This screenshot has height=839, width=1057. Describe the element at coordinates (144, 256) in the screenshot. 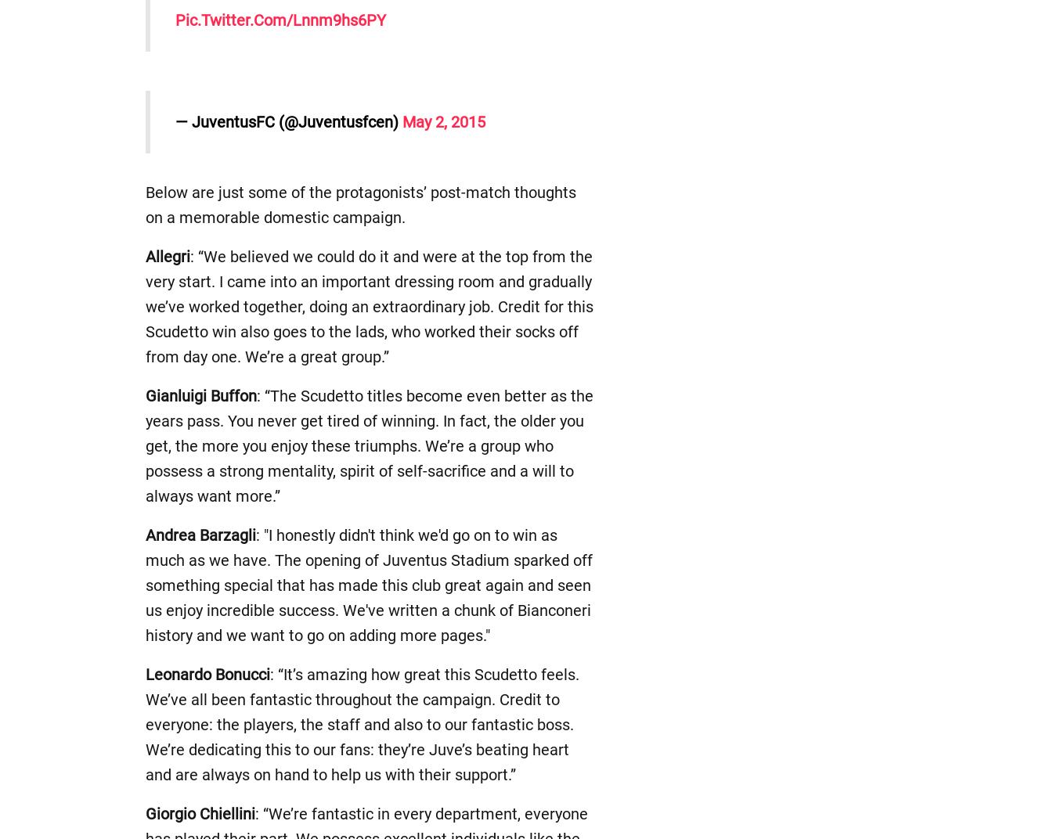

I see `'Allegri'` at that location.